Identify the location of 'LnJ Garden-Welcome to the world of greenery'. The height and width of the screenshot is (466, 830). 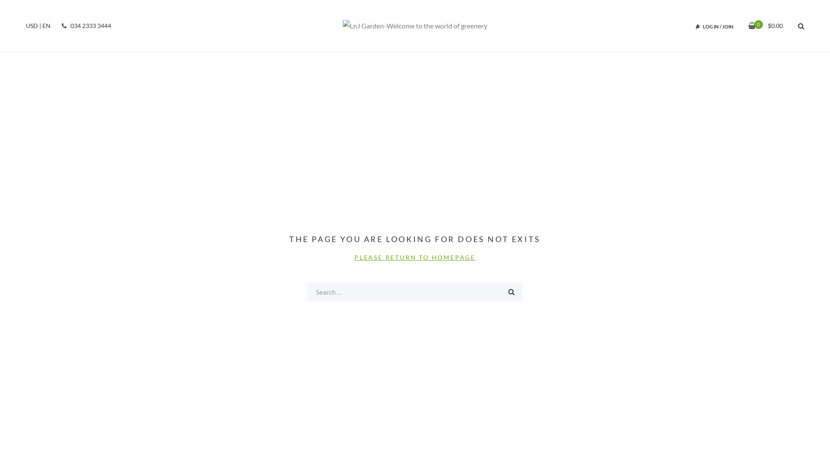
(415, 25).